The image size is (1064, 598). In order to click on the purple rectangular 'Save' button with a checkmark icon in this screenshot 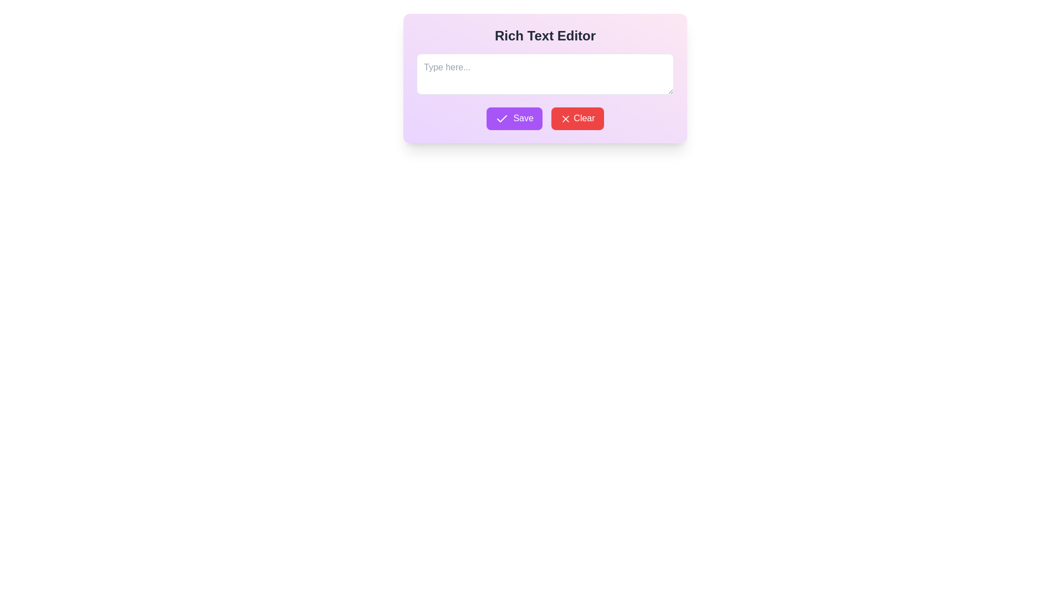, I will do `click(514, 118)`.